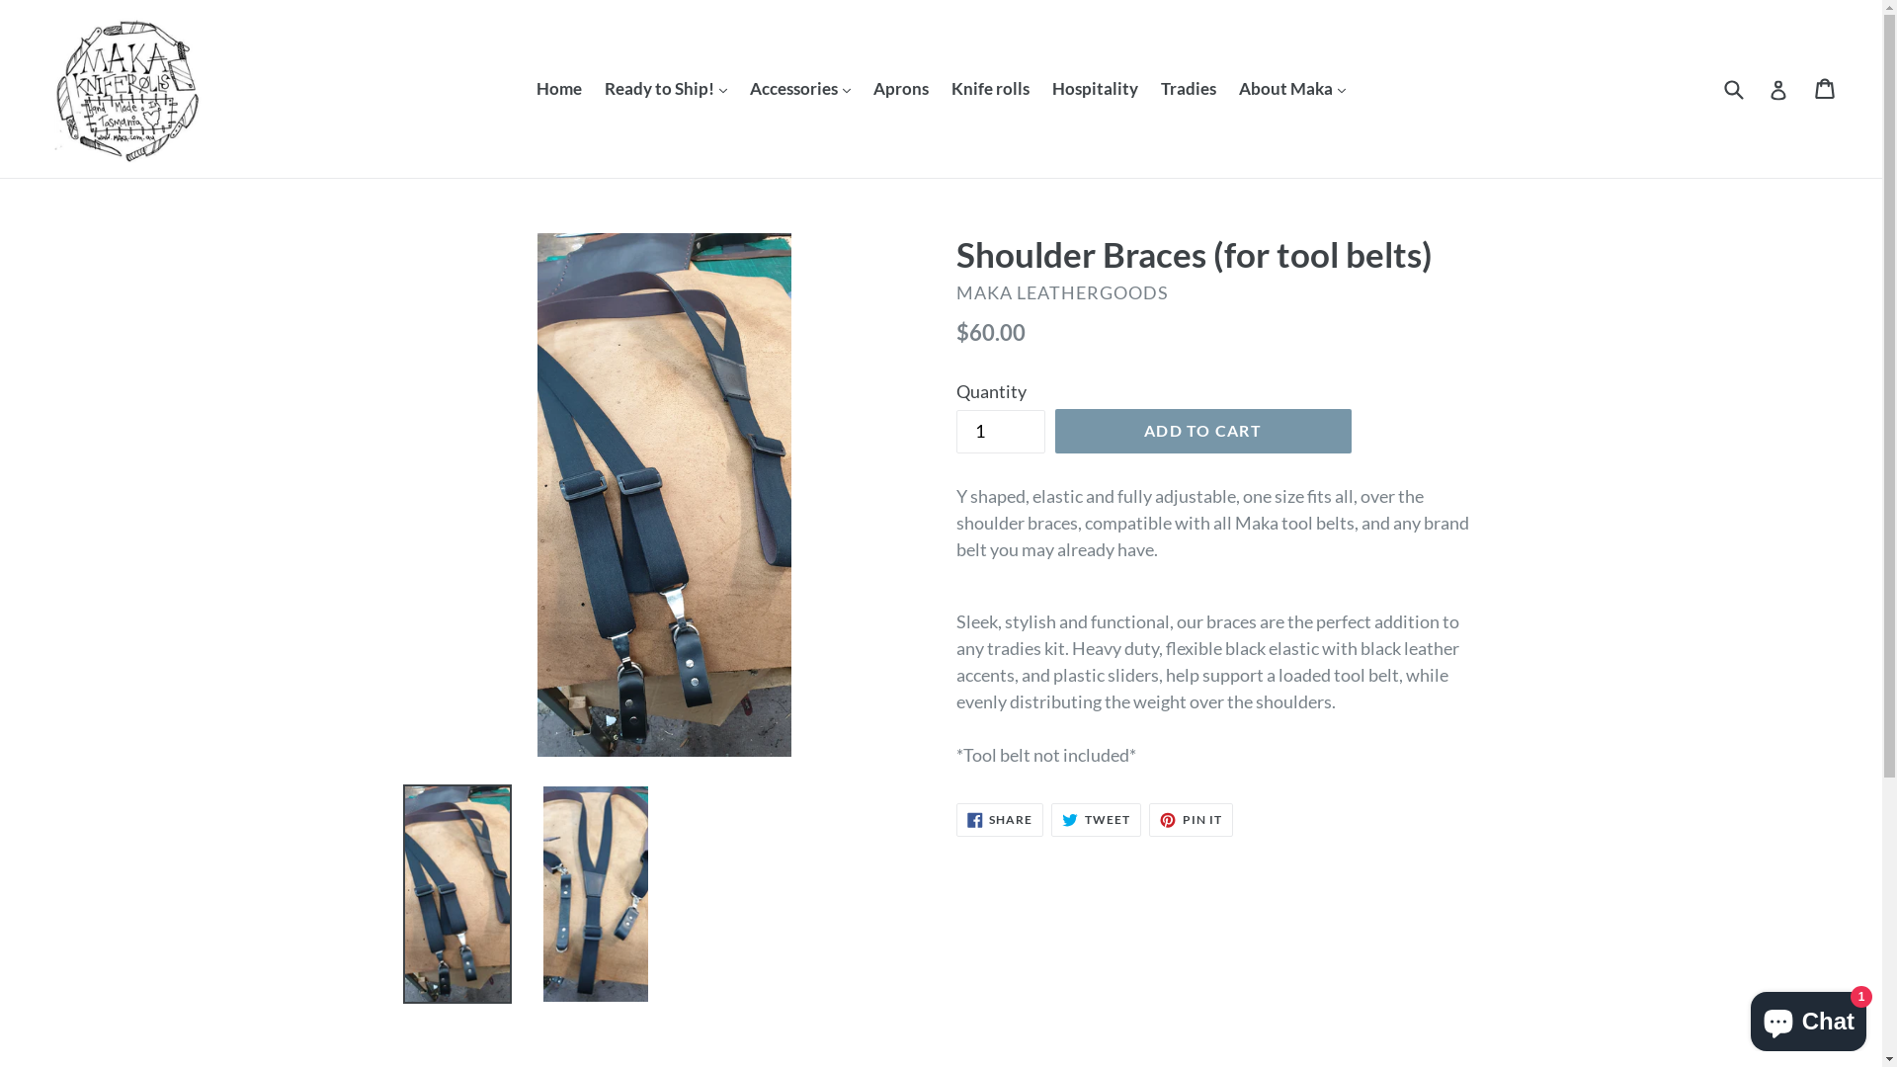 The image size is (1897, 1067). Describe the element at coordinates (863, 87) in the screenshot. I see `'Aprons'` at that location.